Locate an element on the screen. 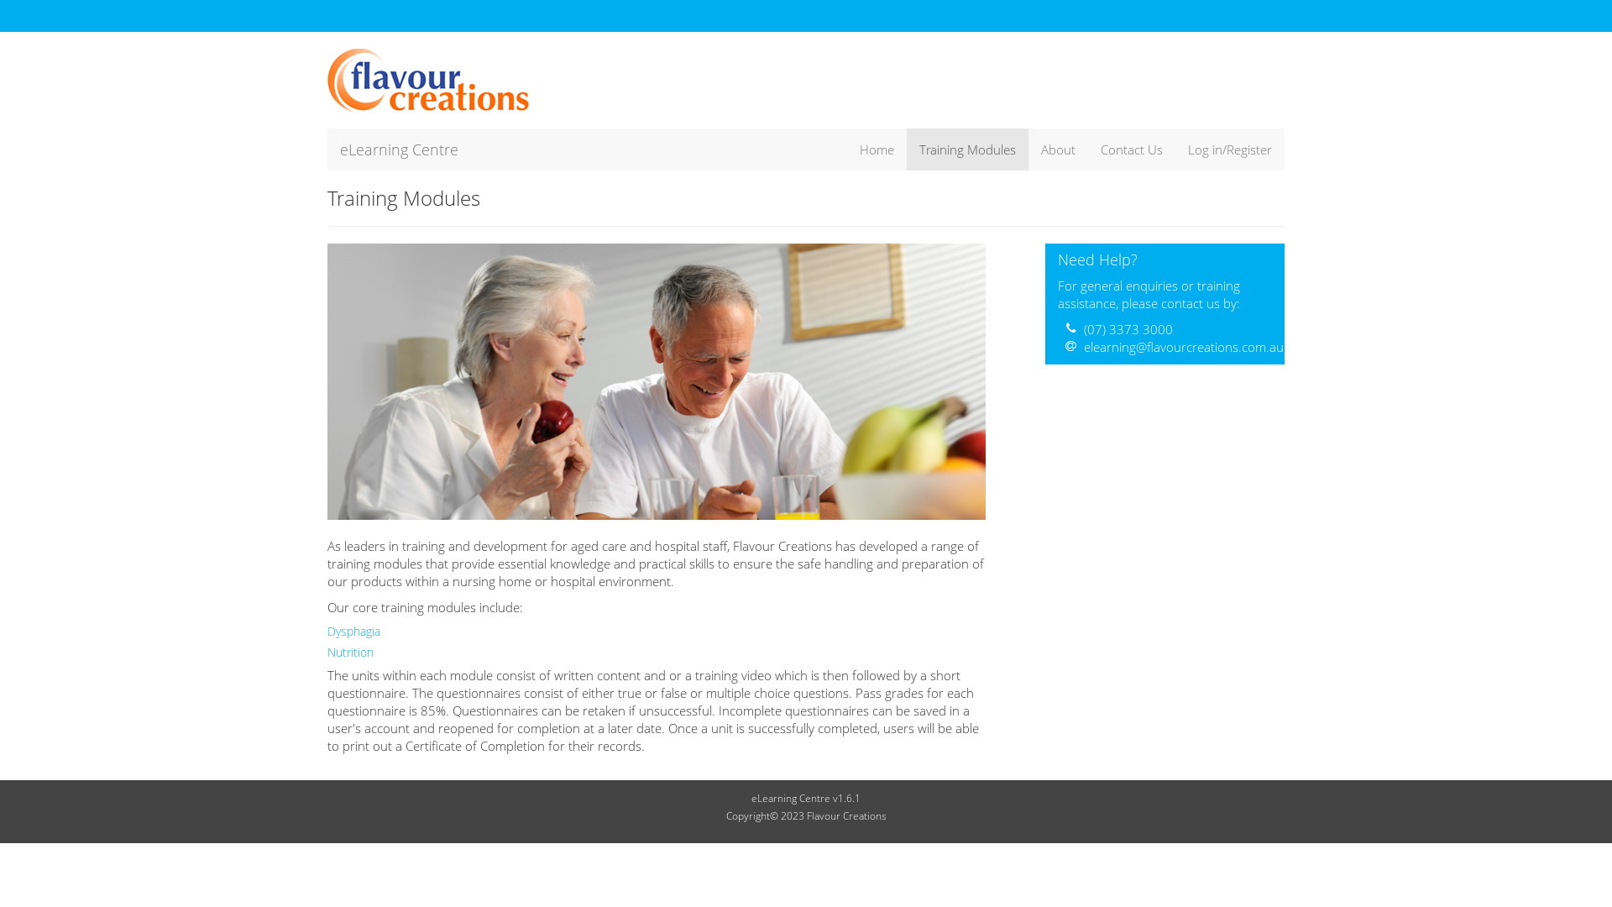 Image resolution: width=1612 pixels, height=907 pixels. 'eLearning Centre' is located at coordinates (398, 148).